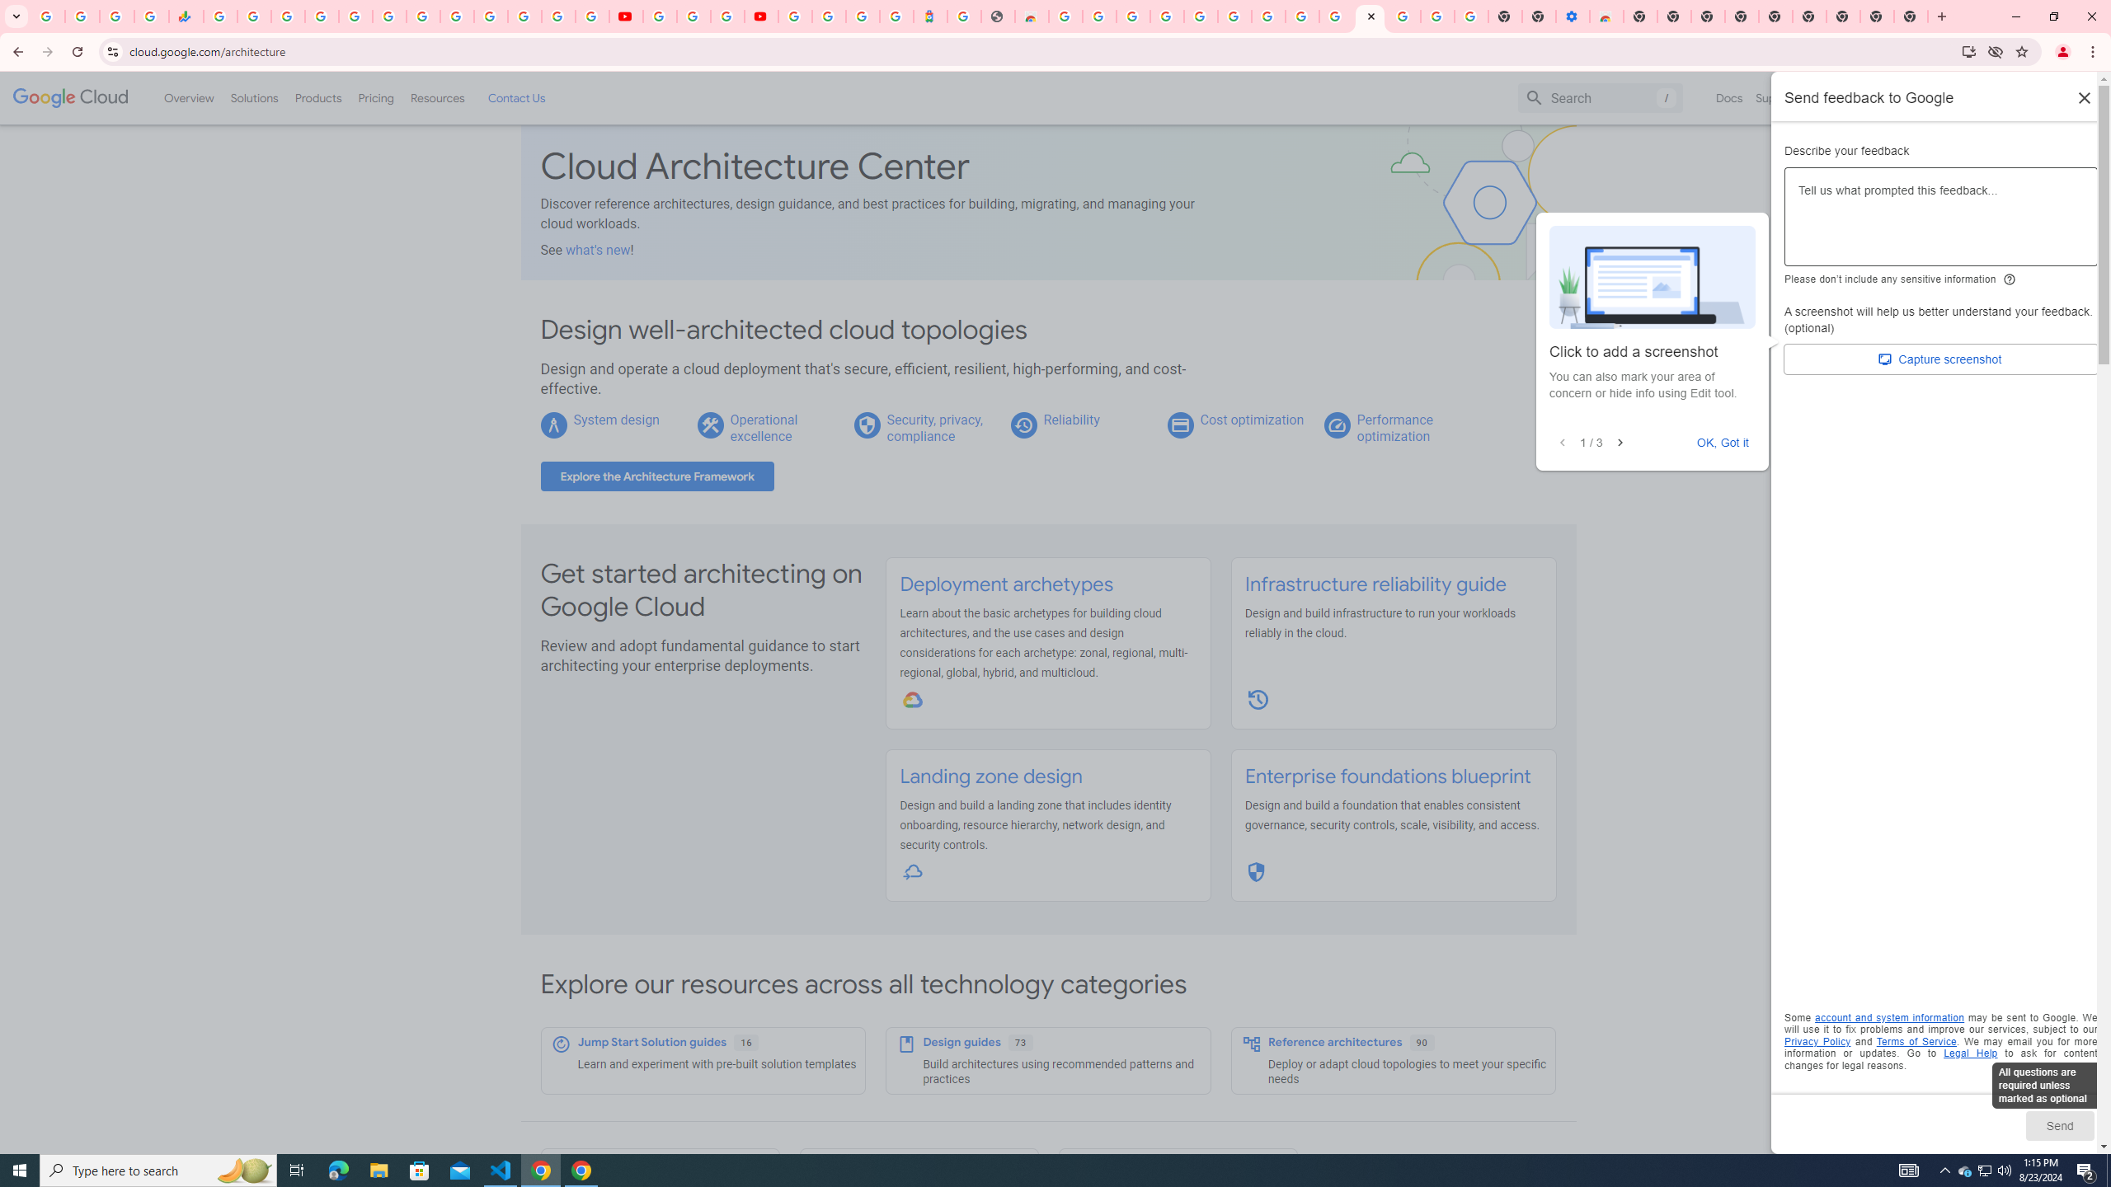 The width and height of the screenshot is (2111, 1187). I want to click on 'Sign in - Google Accounts', so click(322, 16).